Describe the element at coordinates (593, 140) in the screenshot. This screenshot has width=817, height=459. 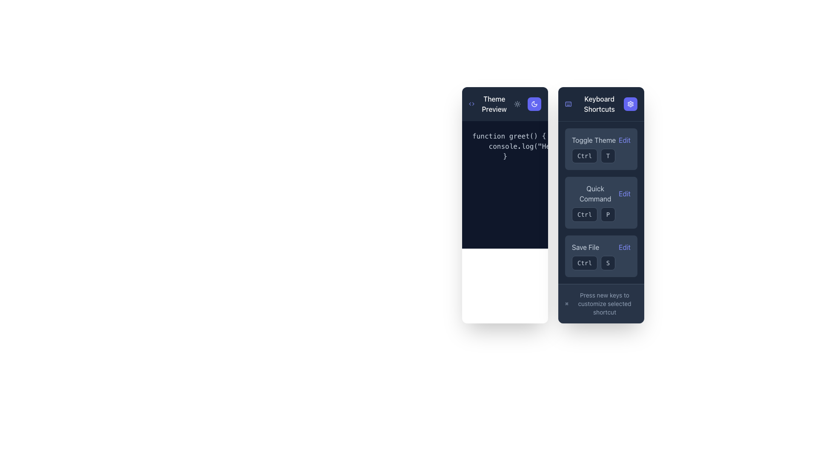
I see `the label that describes the functionality for toggling between themes, located in the topmost section of the 'Keyboard Shortcuts' sidebar, left-aligned and preceding the 'Edit' button` at that location.